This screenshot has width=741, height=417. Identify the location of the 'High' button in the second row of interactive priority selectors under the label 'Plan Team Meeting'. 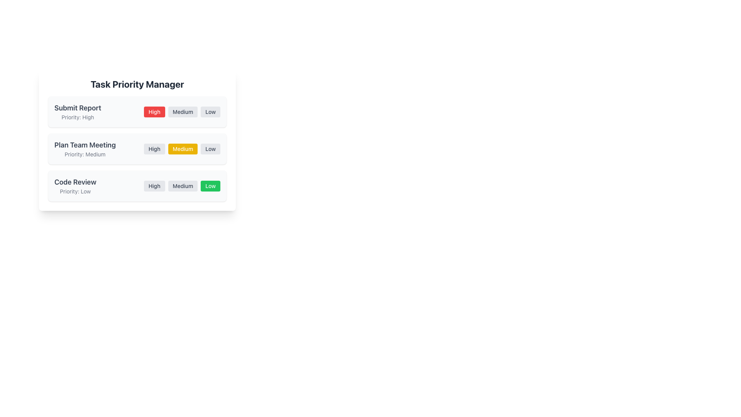
(154, 149).